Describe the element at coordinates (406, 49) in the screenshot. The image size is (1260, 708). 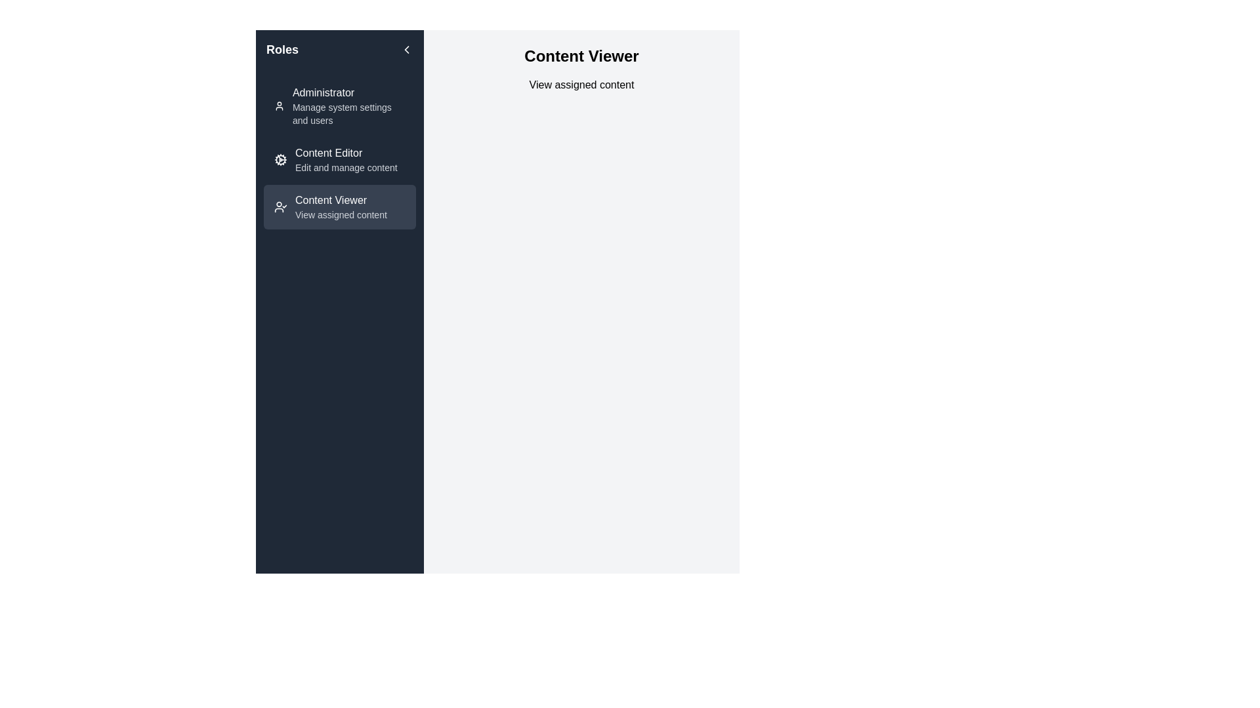
I see `the back icon located in the left-side navigation panel, at the top-right corner adjacent to the header text 'Roles'` at that location.